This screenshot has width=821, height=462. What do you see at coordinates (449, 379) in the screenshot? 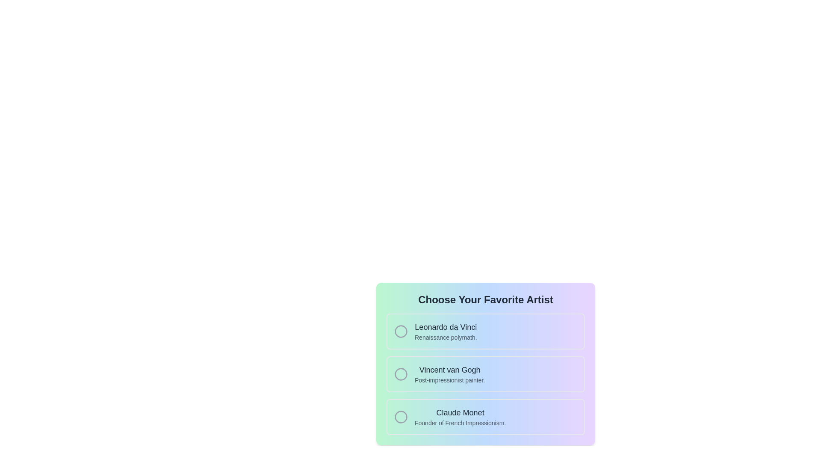
I see `the Text Label that provides additional context about 'Vincent van Gogh', positioned directly beneath the main label in the middle section of the vertically-stacked options` at bounding box center [449, 379].